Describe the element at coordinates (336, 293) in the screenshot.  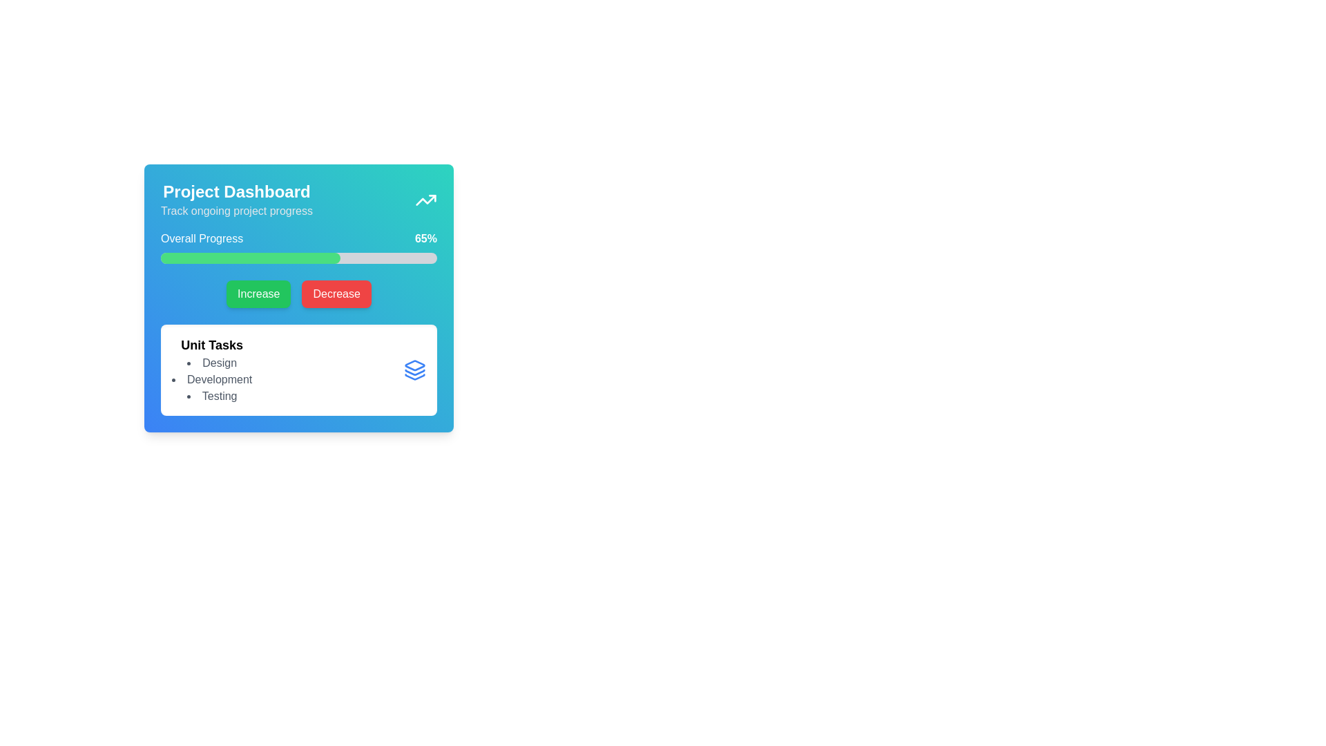
I see `the red 'Decrease' button with white text` at that location.